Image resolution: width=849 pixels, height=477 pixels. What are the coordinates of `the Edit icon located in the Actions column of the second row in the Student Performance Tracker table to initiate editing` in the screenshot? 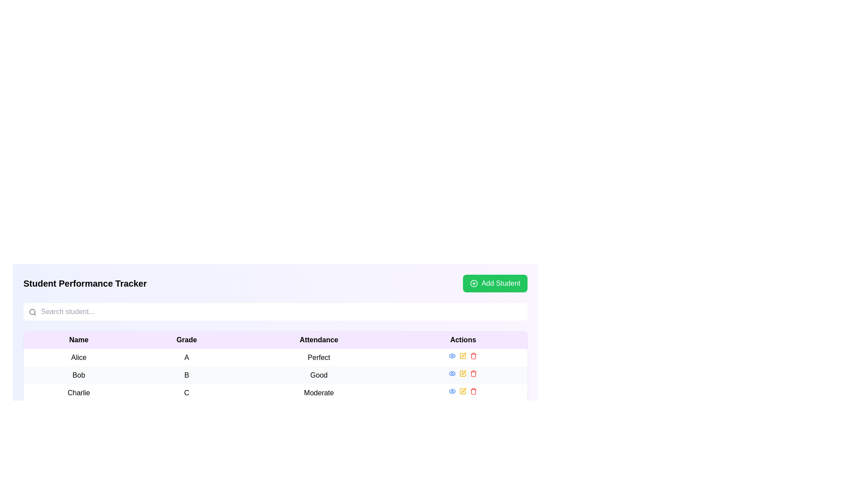 It's located at (463, 373).